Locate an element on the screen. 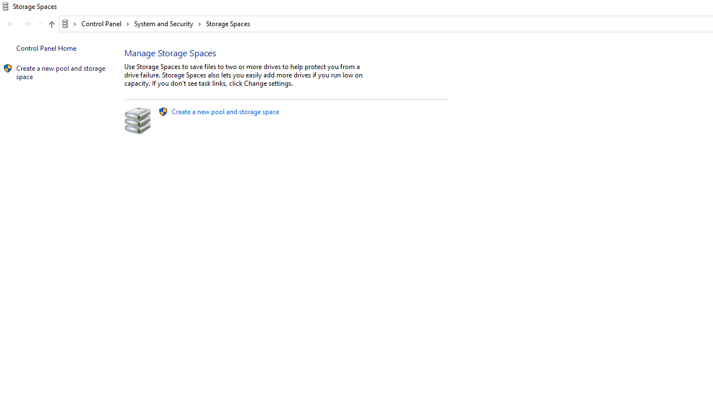 The height and width of the screenshot is (401, 713). 'Forward (Alt + Right Arrow)' is located at coordinates (27, 24).